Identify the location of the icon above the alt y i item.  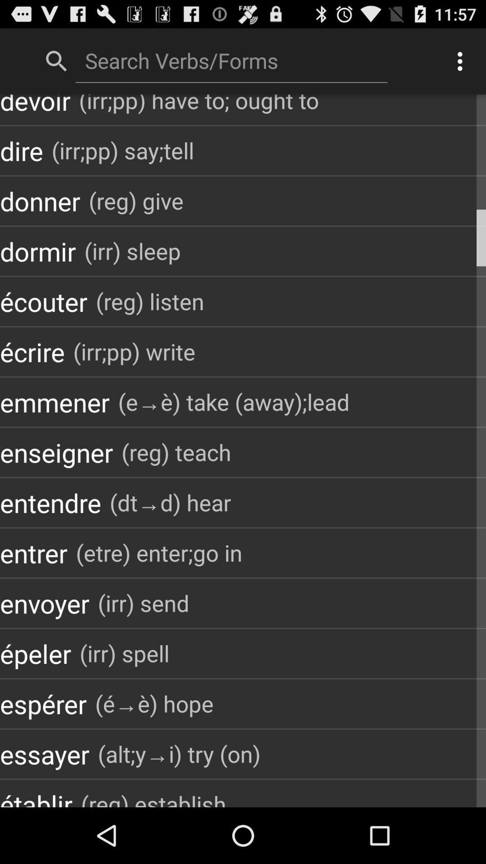
(154, 703).